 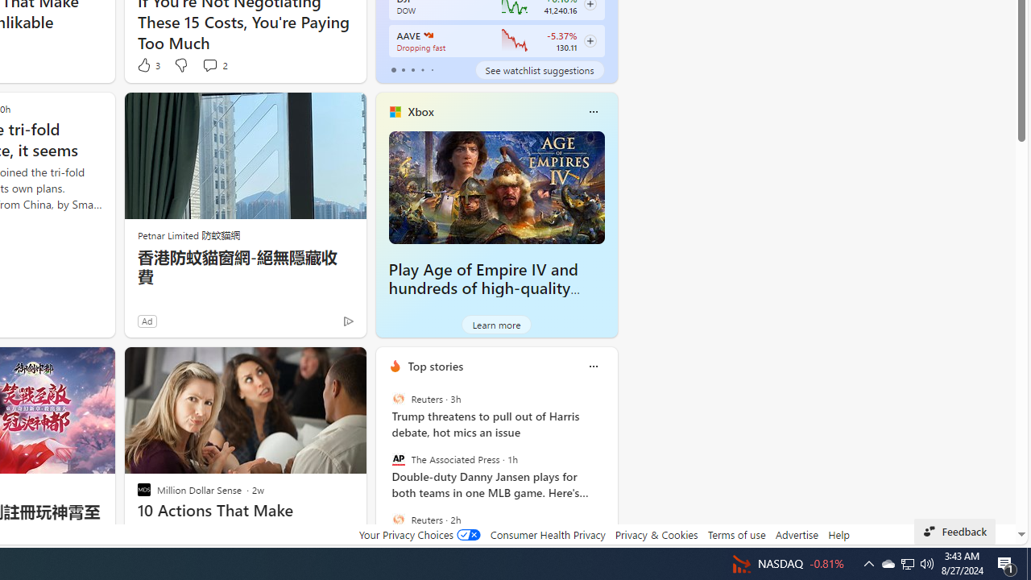 I want to click on 'tab-4', so click(x=432, y=69).